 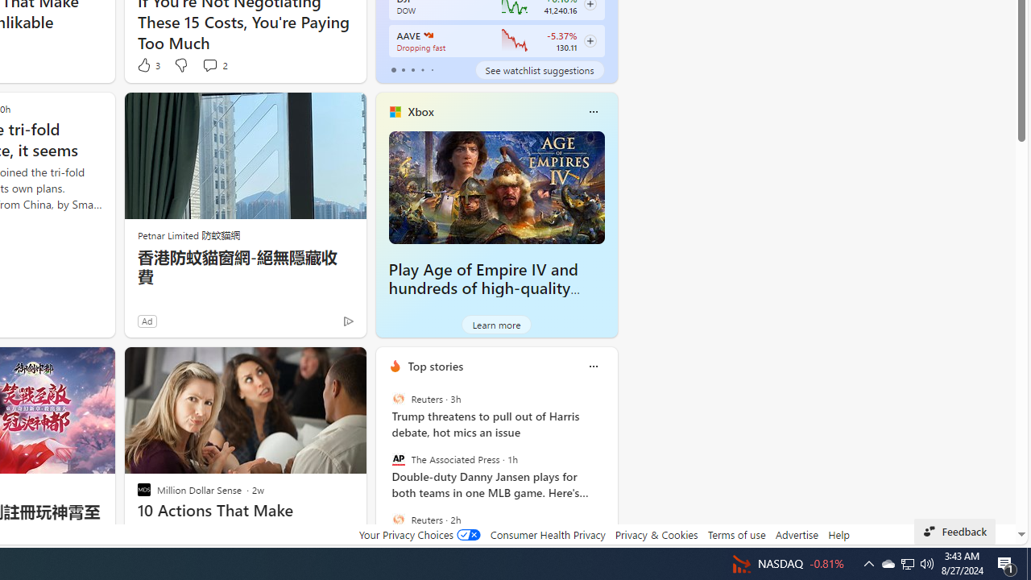 I want to click on 'tab-4', so click(x=432, y=69).